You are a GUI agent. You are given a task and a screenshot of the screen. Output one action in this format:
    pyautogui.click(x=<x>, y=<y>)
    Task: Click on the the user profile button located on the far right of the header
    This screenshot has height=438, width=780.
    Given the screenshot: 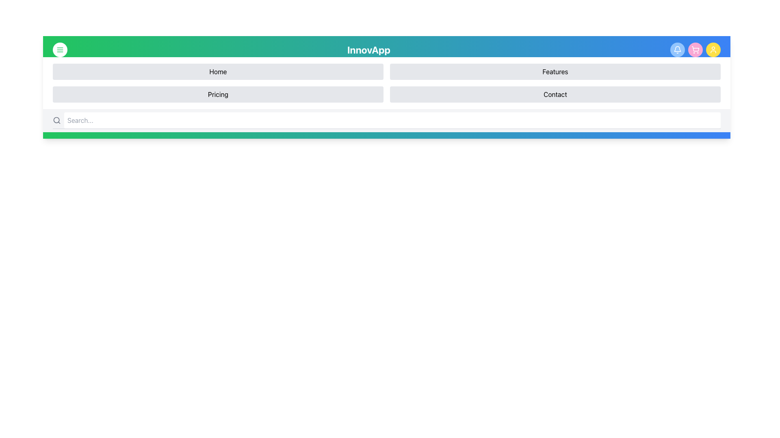 What is the action you would take?
    pyautogui.click(x=713, y=50)
    